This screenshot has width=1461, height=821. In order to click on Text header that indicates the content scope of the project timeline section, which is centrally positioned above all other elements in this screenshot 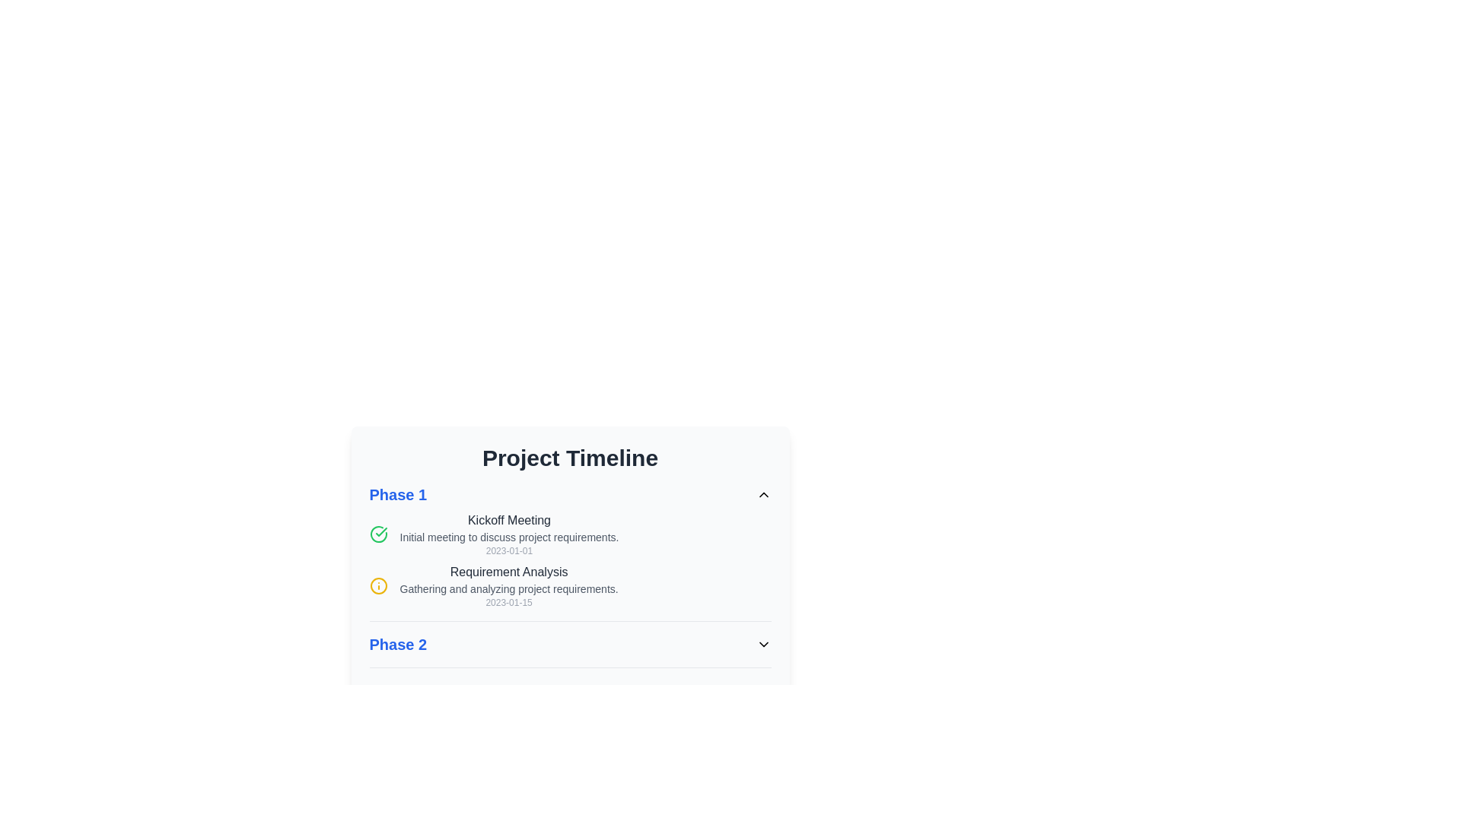, I will do `click(569, 457)`.